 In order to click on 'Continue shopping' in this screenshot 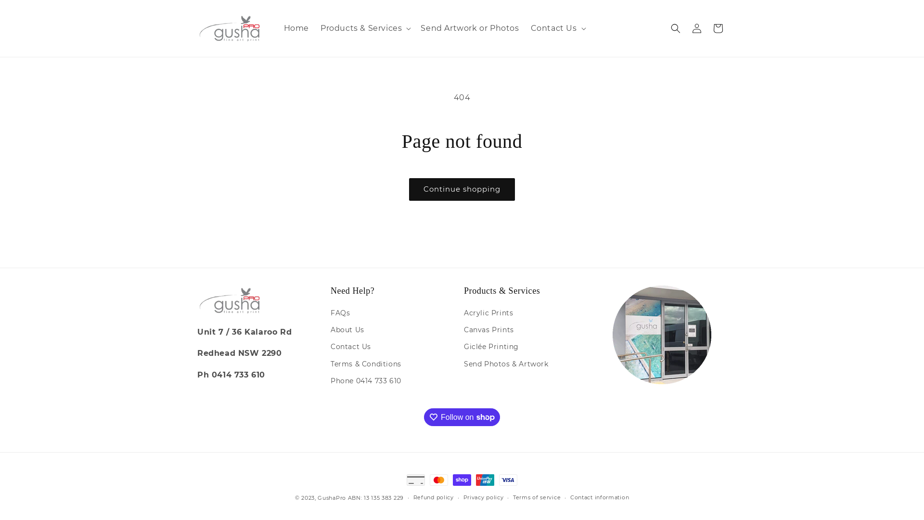, I will do `click(462, 189)`.